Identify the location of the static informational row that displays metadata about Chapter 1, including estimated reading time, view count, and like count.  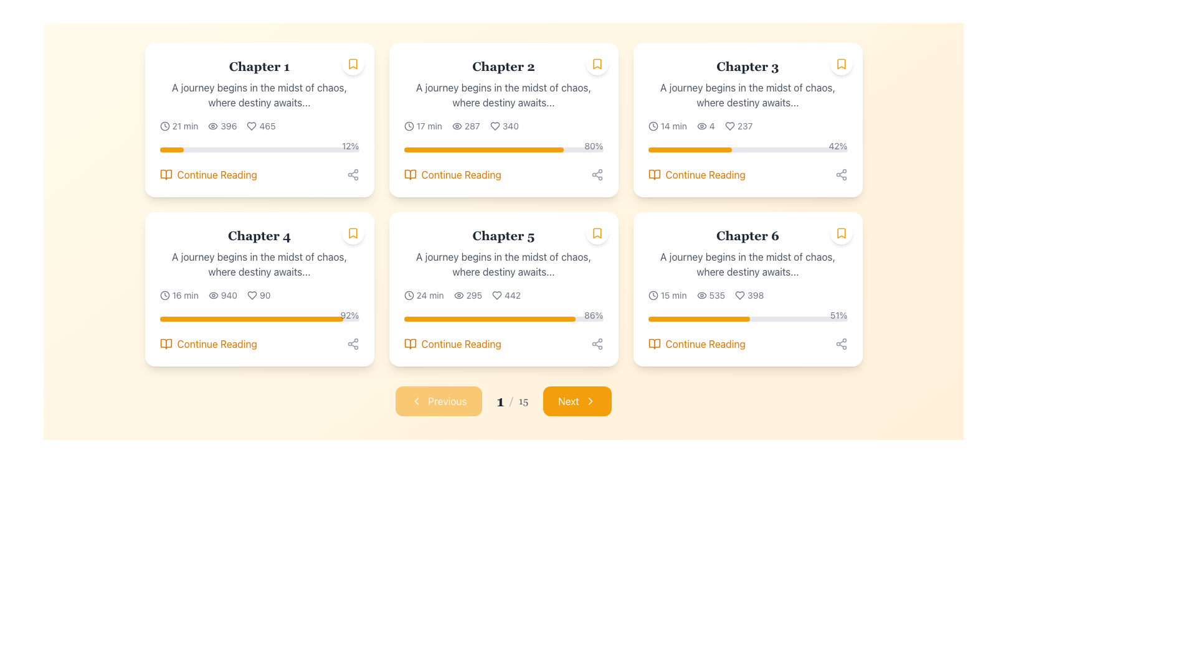
(259, 126).